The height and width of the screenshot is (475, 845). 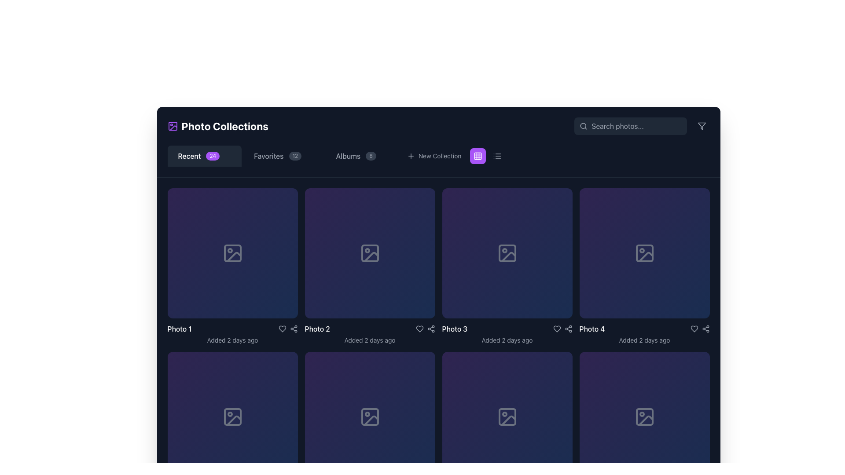 What do you see at coordinates (189, 155) in the screenshot?
I see `the 'Recent' text label, which is located in the top-left section of the interface and is adjacent to a badge labeled '24'` at bounding box center [189, 155].